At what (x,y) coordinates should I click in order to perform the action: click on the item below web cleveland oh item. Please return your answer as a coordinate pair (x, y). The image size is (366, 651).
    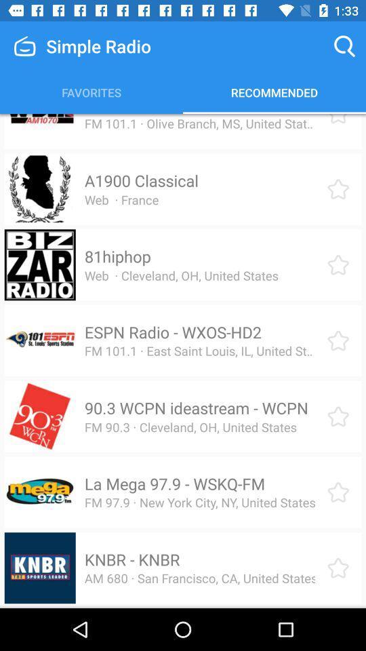
    Looking at the image, I should click on (173, 331).